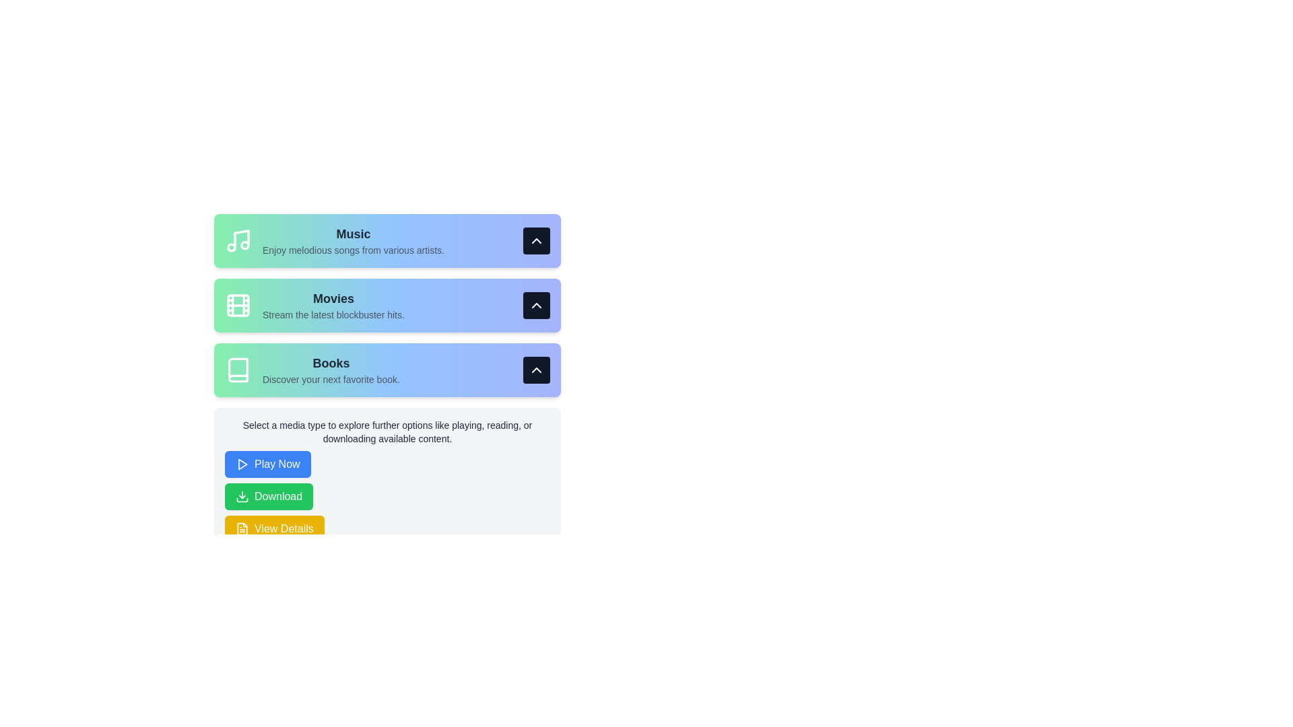  Describe the element at coordinates (535, 370) in the screenshot. I see `the button located at the top-right corner of the 'Books' section` at that location.